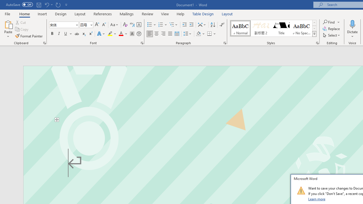 Image resolution: width=363 pixels, height=204 pixels. I want to click on 'Replace...', so click(332, 29).